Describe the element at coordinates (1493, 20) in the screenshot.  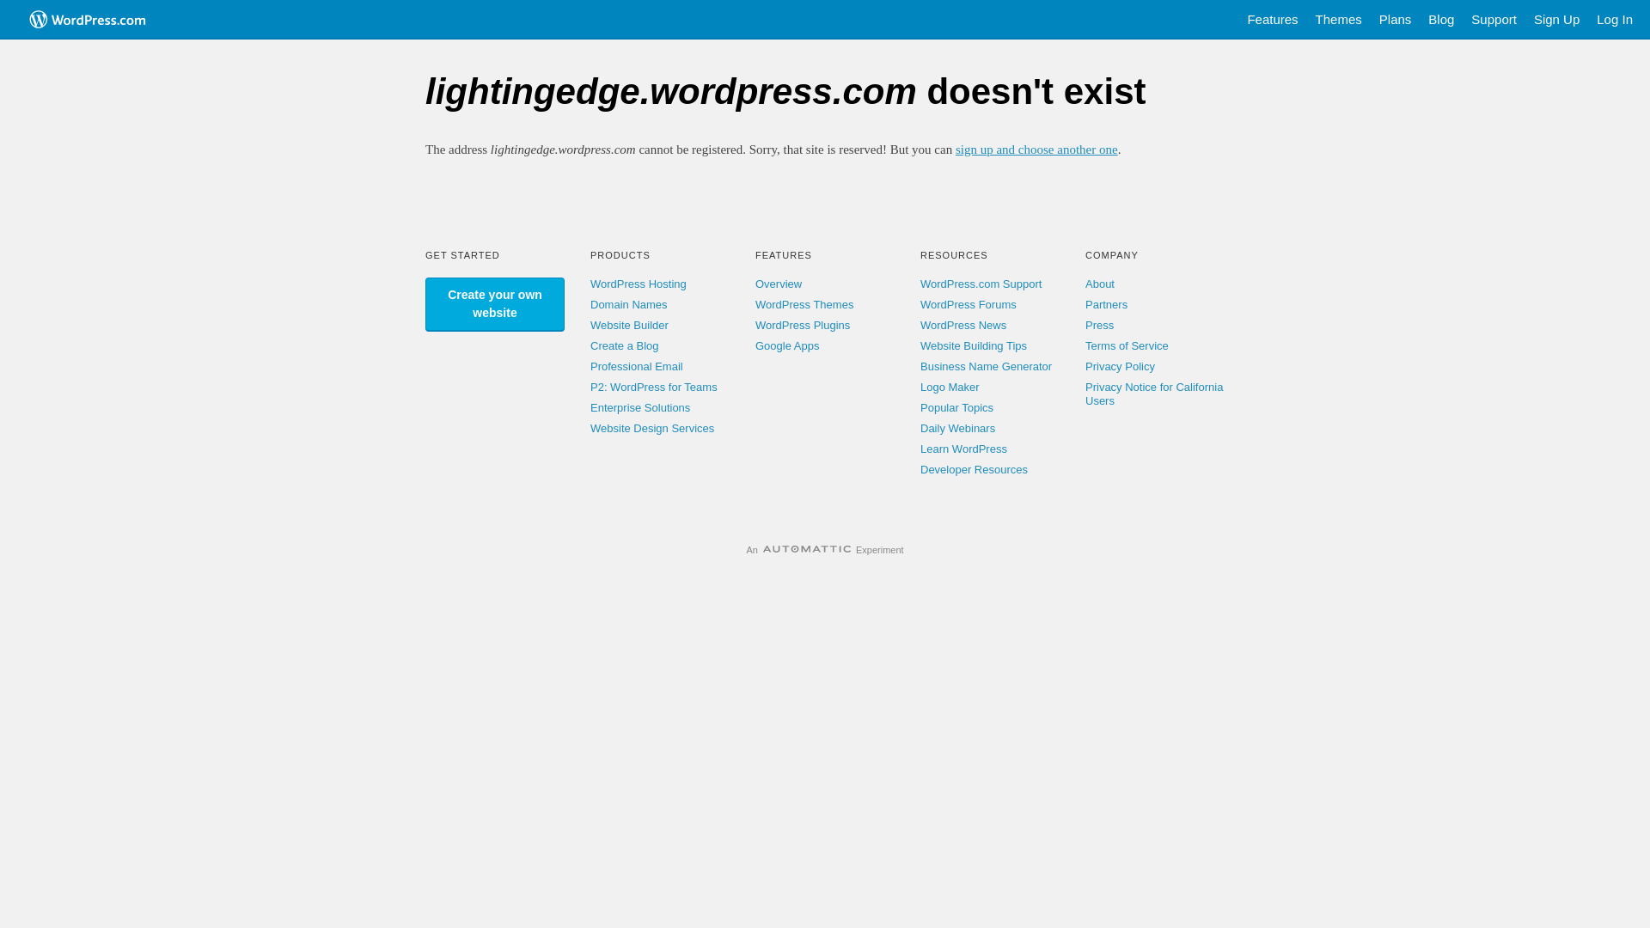
I see `'Support'` at that location.